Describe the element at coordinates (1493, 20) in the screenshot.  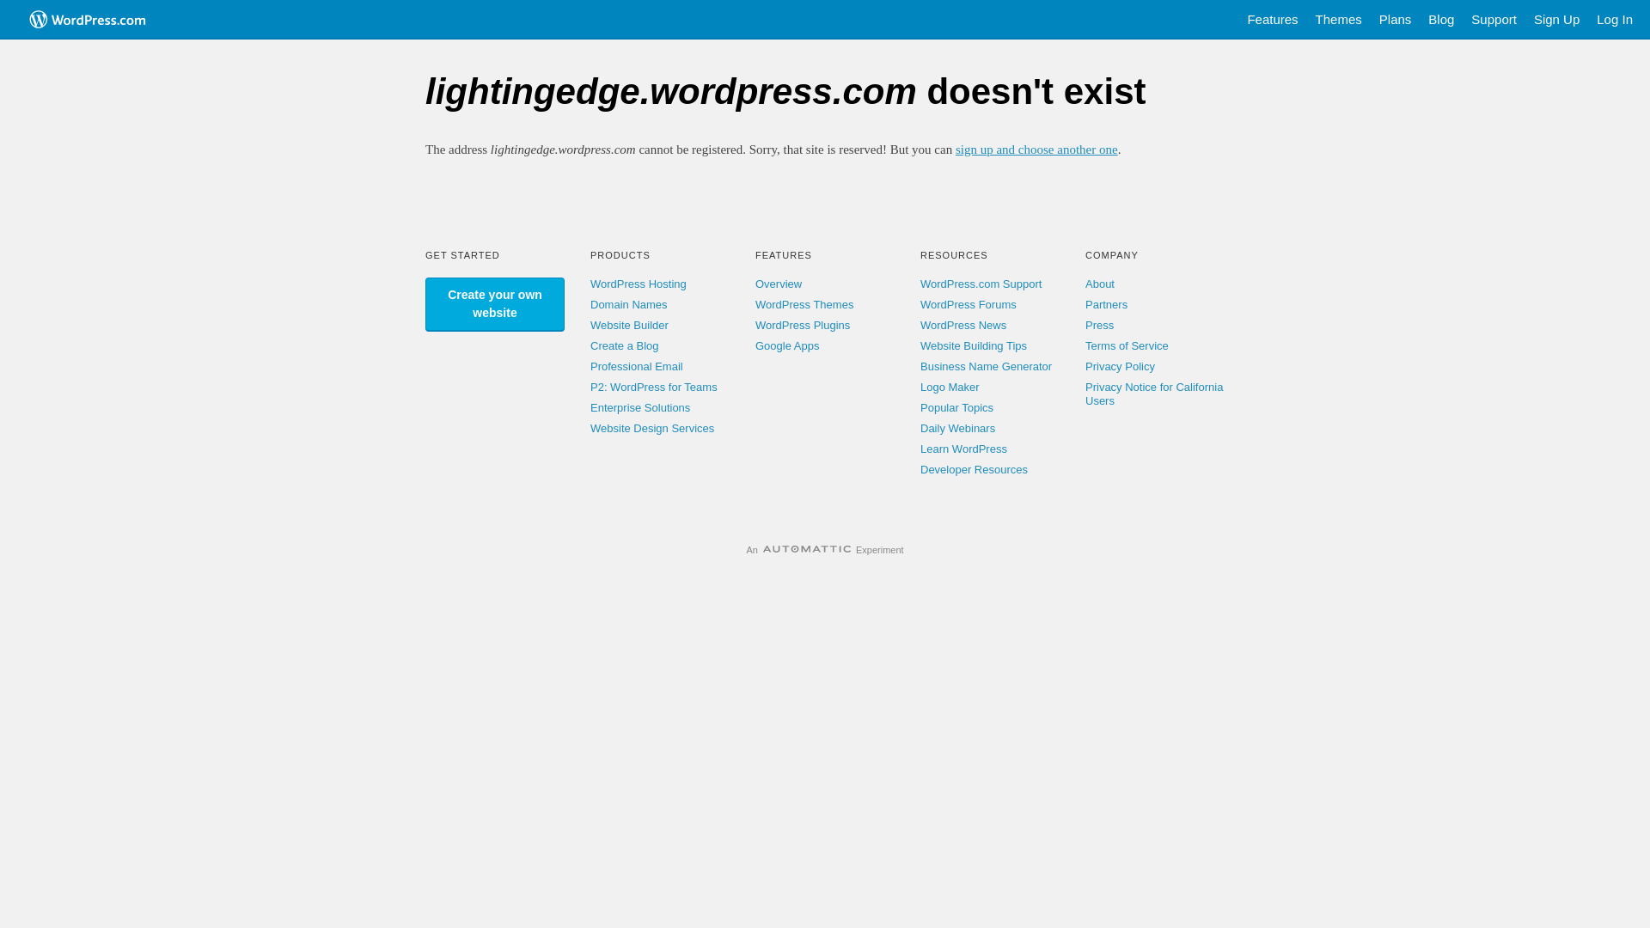
I see `'Support'` at that location.